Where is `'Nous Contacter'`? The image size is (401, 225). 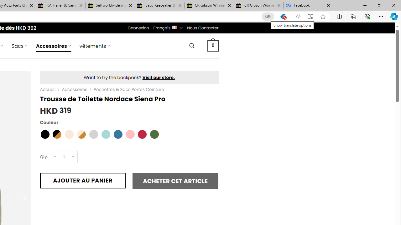 'Nous Contacter' is located at coordinates (203, 27).